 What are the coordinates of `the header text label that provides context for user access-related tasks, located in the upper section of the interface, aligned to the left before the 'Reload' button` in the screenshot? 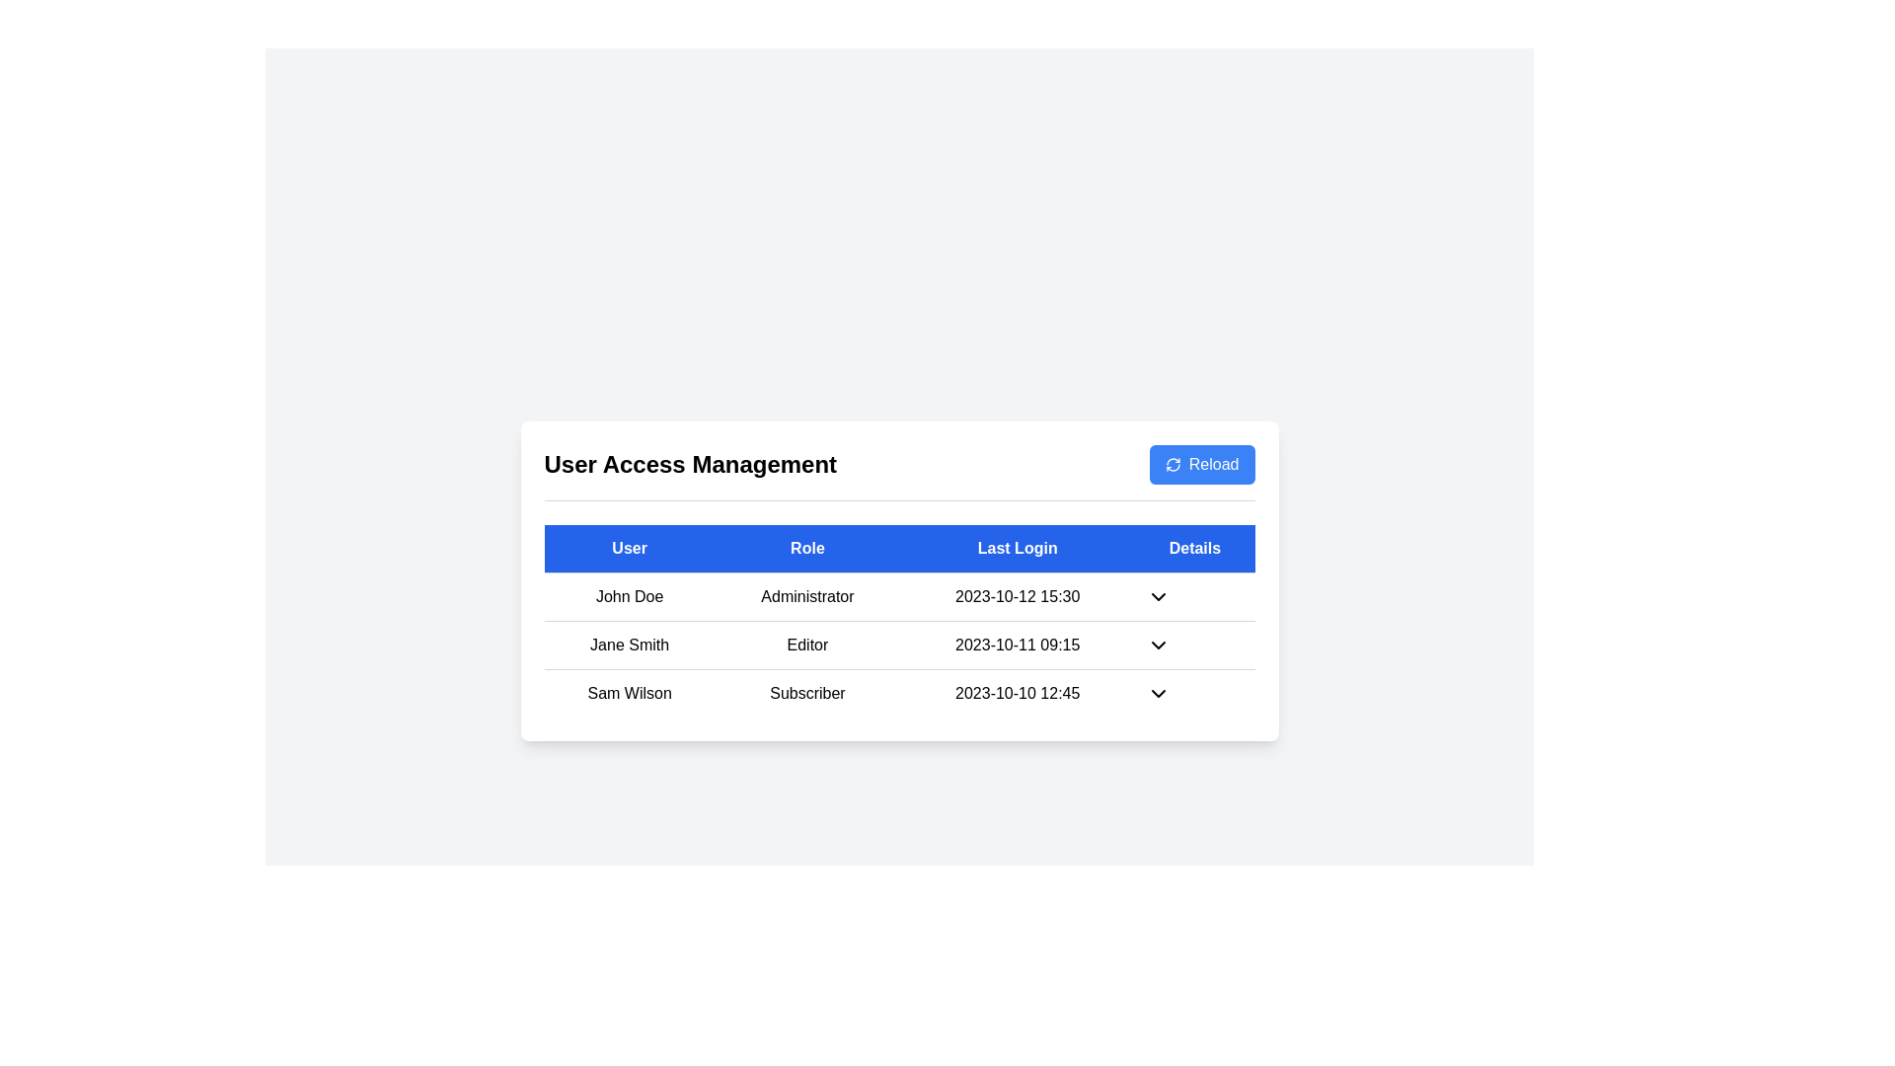 It's located at (690, 464).